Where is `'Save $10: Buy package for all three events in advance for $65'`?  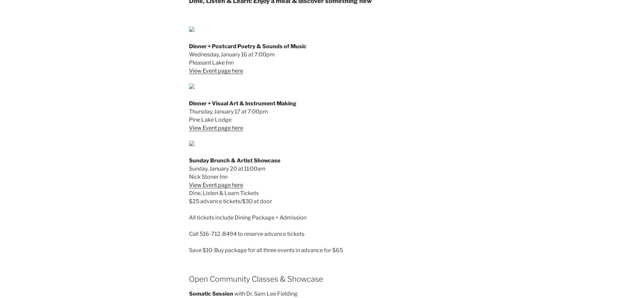 'Save $10: Buy package for all three events in advance for $65' is located at coordinates (266, 250).